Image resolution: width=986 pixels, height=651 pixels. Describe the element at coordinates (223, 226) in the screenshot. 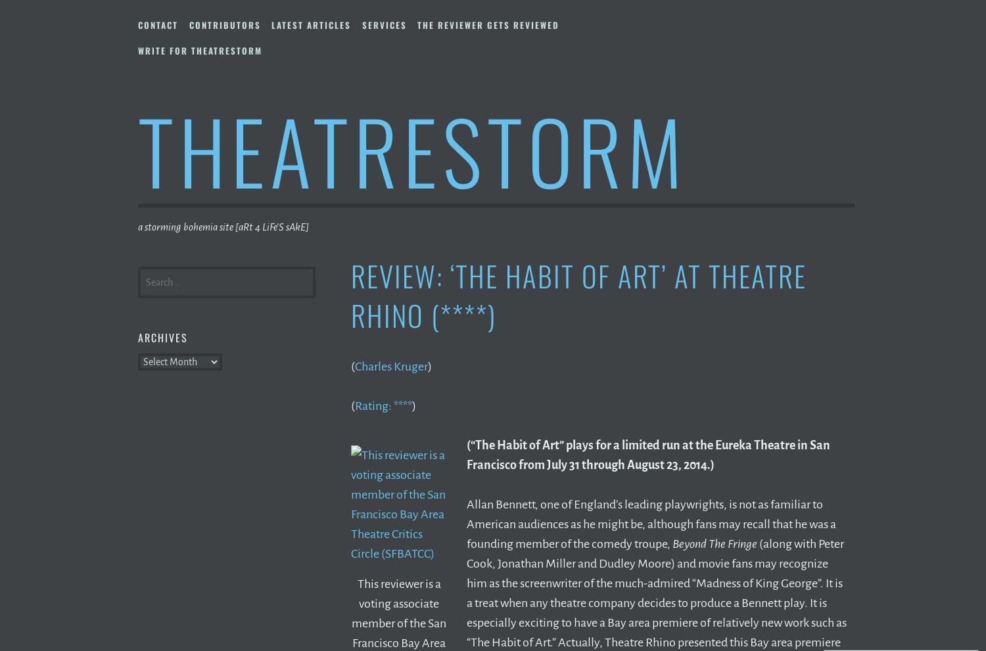

I see `'a storming bohemia site [aRt 4 LiFe'S sAkE]'` at that location.